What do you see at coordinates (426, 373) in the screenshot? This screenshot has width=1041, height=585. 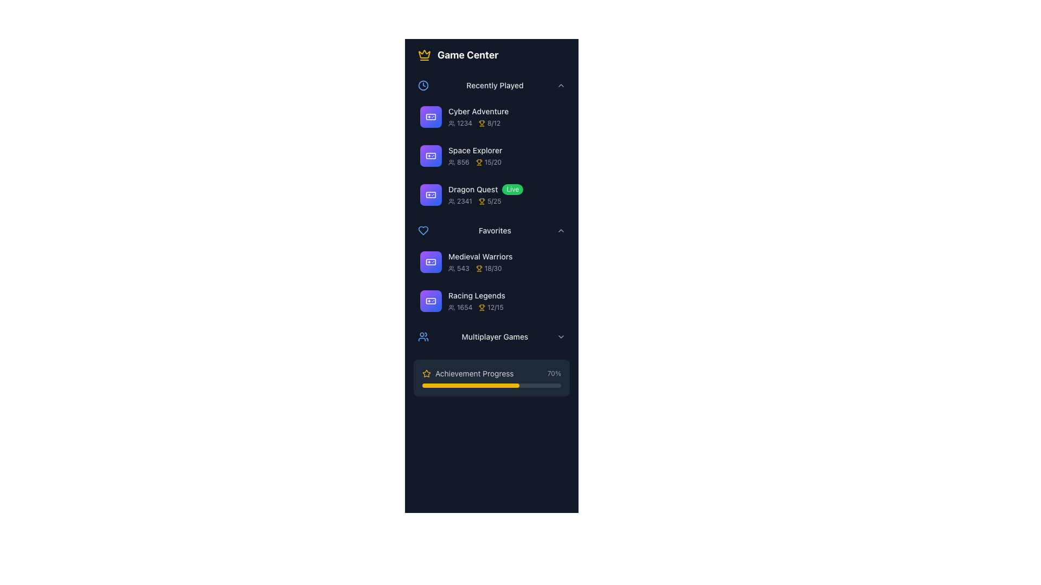 I see `the yellow star icon located to the left of the 'Achievement Progress' label in the 'Achievement Progress' section` at bounding box center [426, 373].